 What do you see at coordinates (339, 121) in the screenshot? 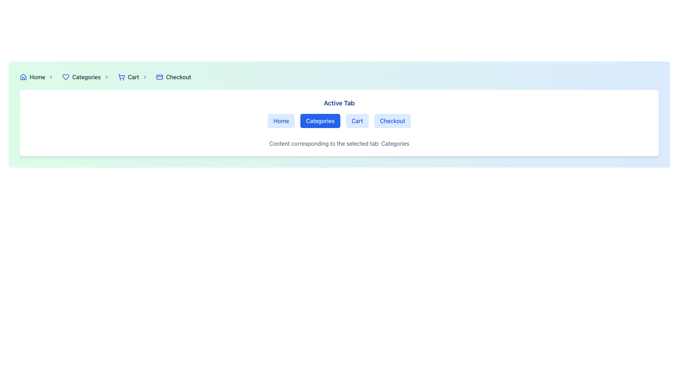
I see `the 'Categories' tab in the navigation bar` at bounding box center [339, 121].